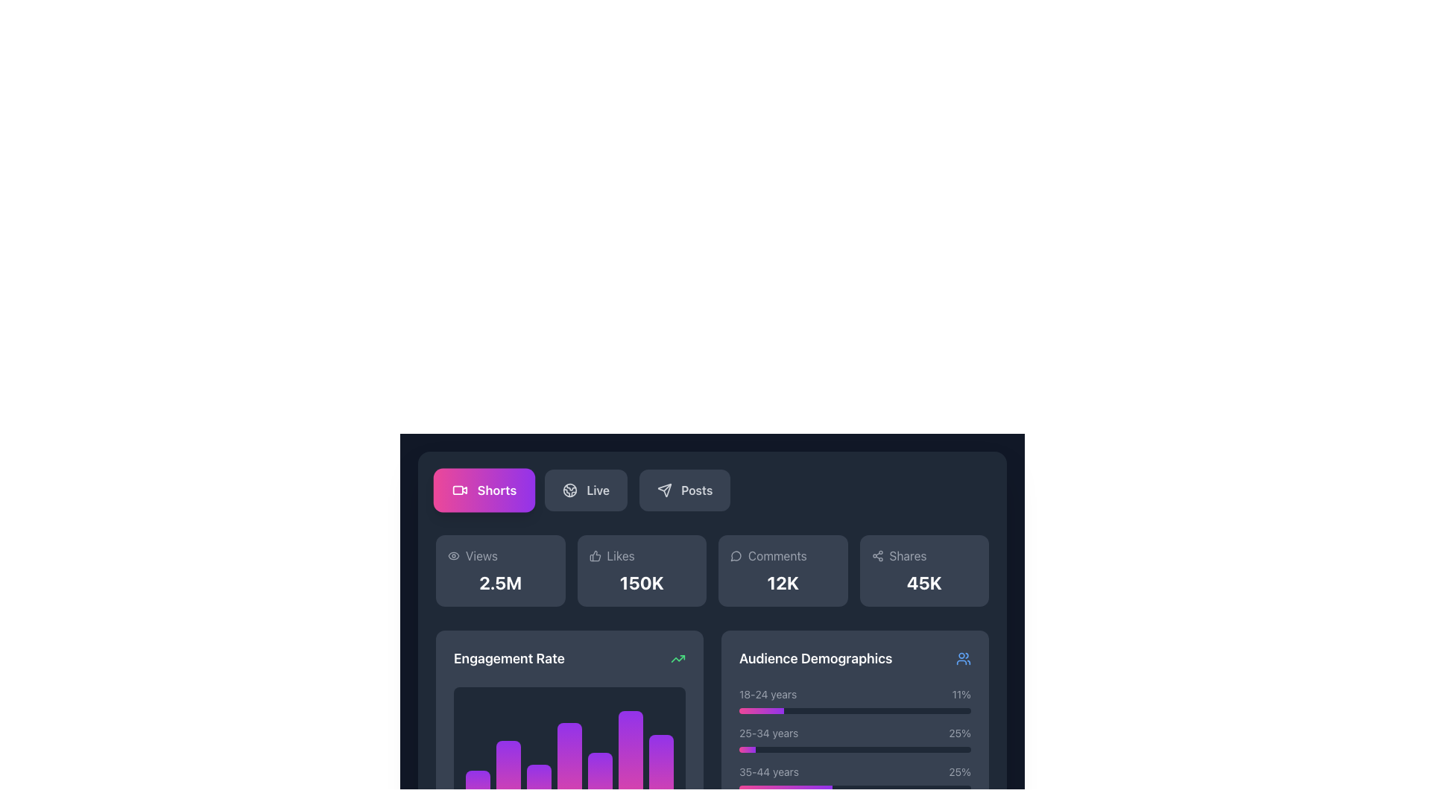 Image resolution: width=1431 pixels, height=805 pixels. What do you see at coordinates (960, 732) in the screenshot?
I see `the text label displaying '25%' which is styled in white sans-serif font on a dark background, located in the bottom-right section of the 'Audience Demographics' panel` at bounding box center [960, 732].